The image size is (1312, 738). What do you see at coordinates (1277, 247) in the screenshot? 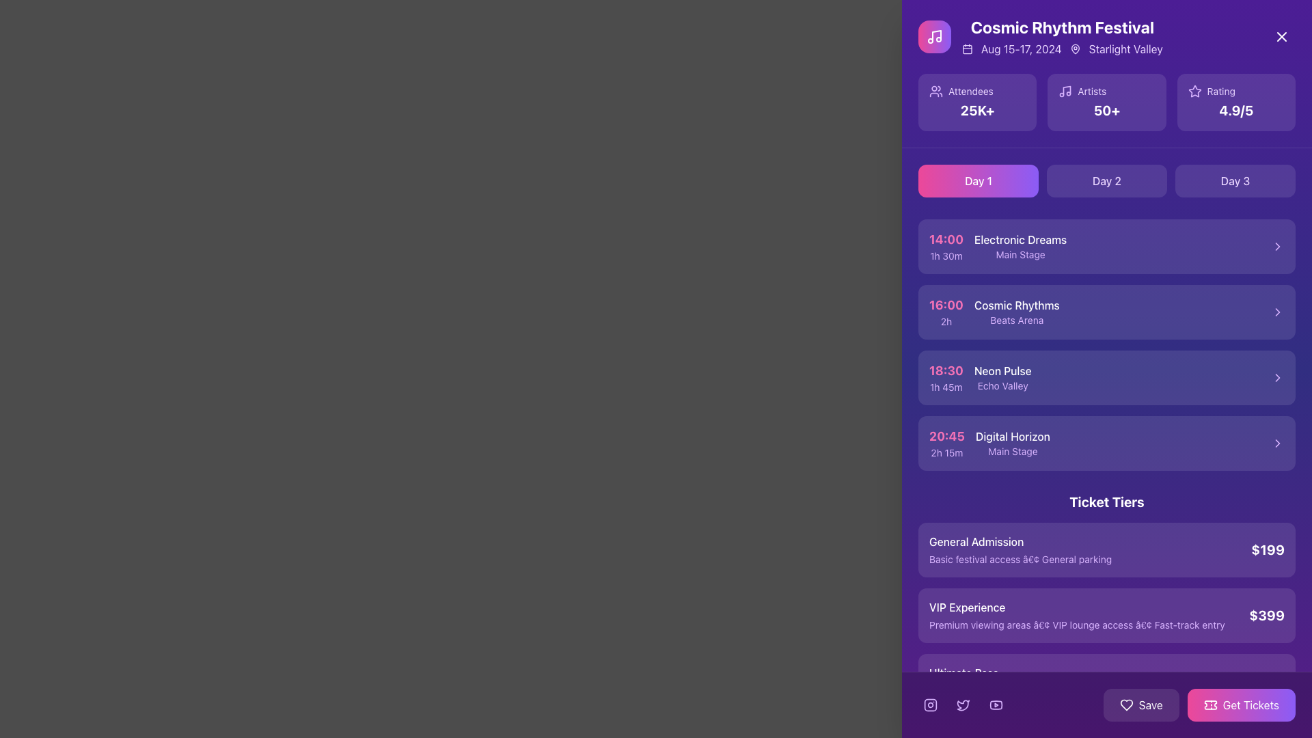
I see `the rightward-pointing chevron arrow icon in purple, located at the far-right of the 'Electronic Dreams' event at 14:00` at bounding box center [1277, 247].